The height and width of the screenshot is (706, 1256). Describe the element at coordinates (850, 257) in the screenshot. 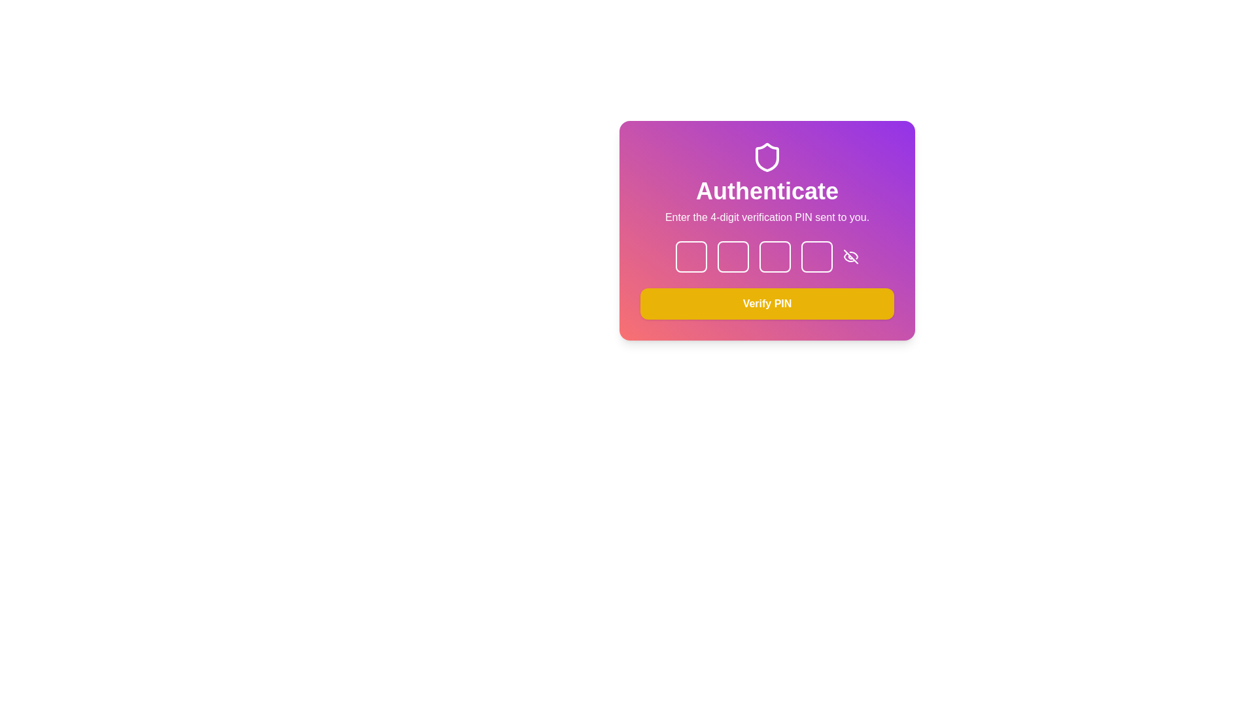

I see `the eye icon with a diagonal line crossing through it, located to the right of the last box in the PIN input section` at that location.